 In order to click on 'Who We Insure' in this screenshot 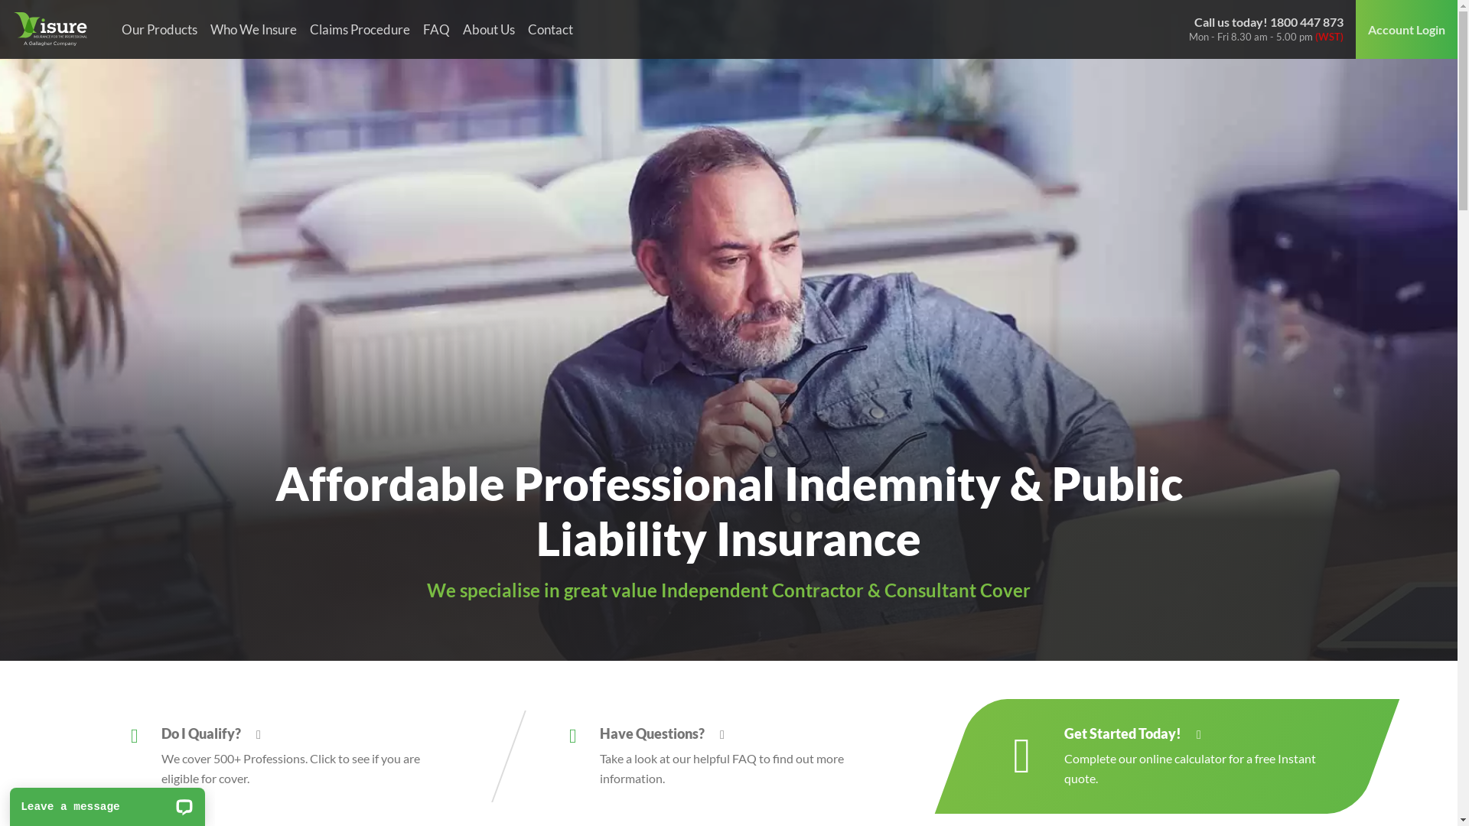, I will do `click(253, 29)`.